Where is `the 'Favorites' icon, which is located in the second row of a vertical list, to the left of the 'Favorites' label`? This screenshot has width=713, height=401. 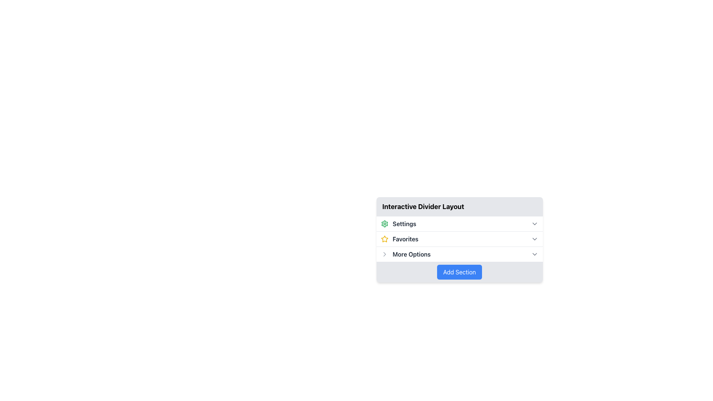
the 'Favorites' icon, which is located in the second row of a vertical list, to the left of the 'Favorites' label is located at coordinates (384, 239).